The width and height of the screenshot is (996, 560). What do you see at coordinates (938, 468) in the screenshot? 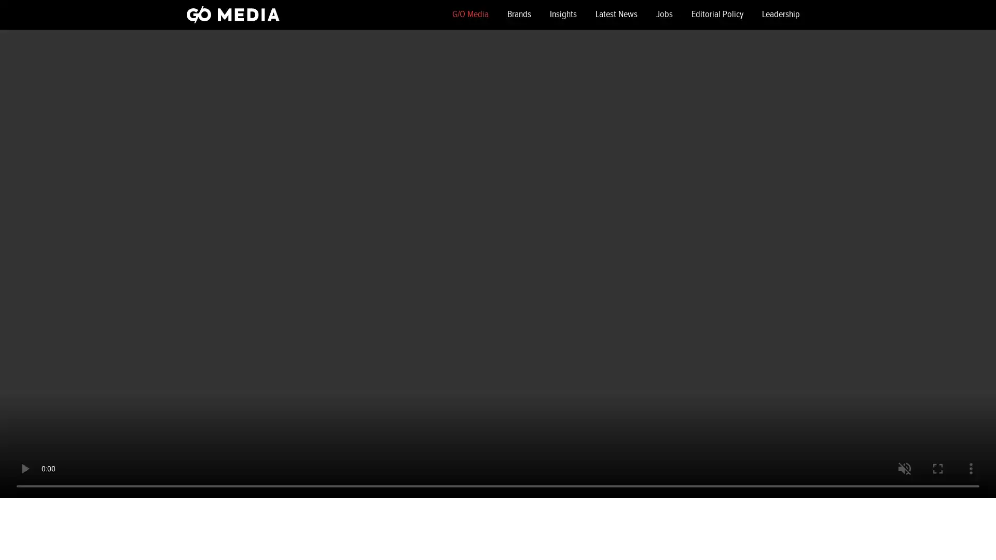
I see `enter full screen` at bounding box center [938, 468].